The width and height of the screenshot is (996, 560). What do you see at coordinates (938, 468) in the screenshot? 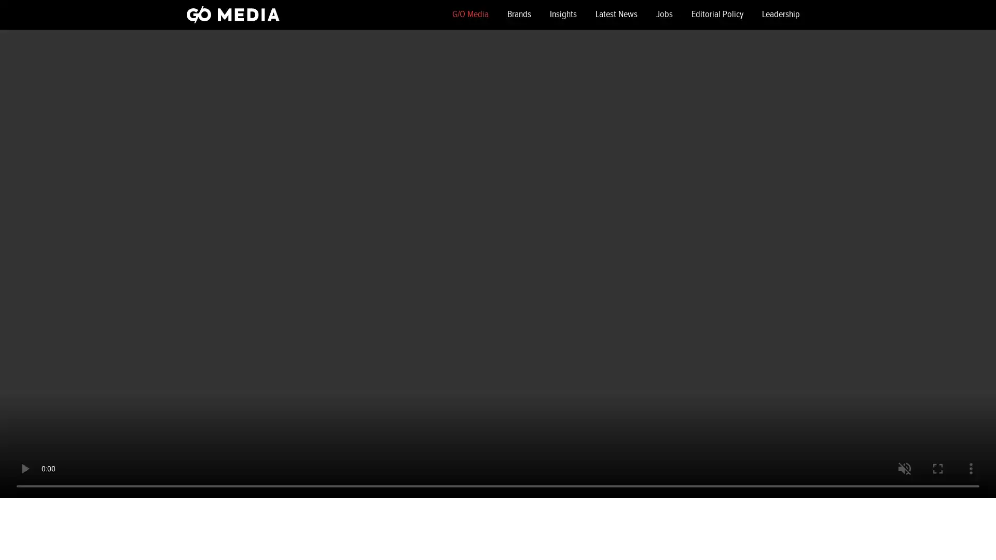
I see `enter full screen` at bounding box center [938, 468].